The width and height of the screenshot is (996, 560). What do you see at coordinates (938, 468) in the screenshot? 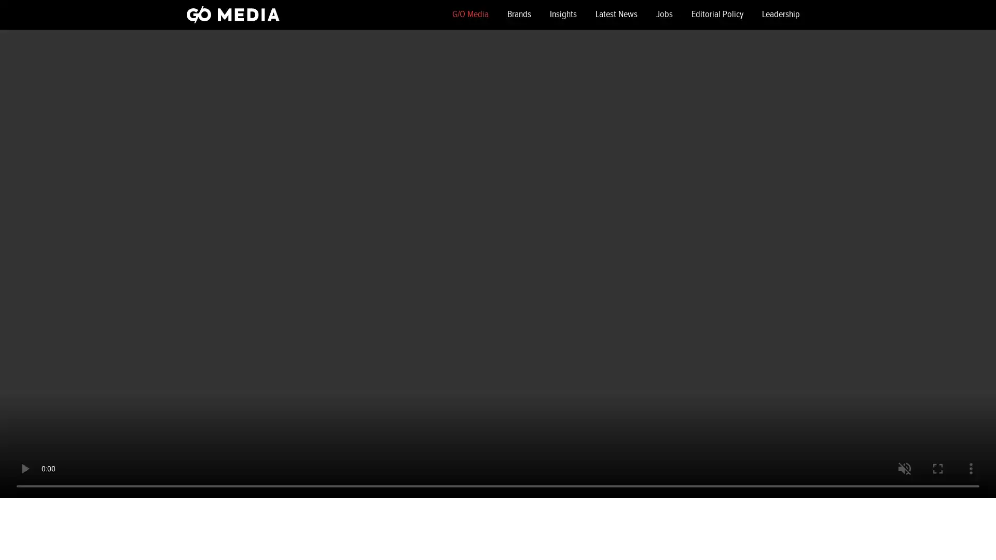
I see `enter full screen` at bounding box center [938, 468].